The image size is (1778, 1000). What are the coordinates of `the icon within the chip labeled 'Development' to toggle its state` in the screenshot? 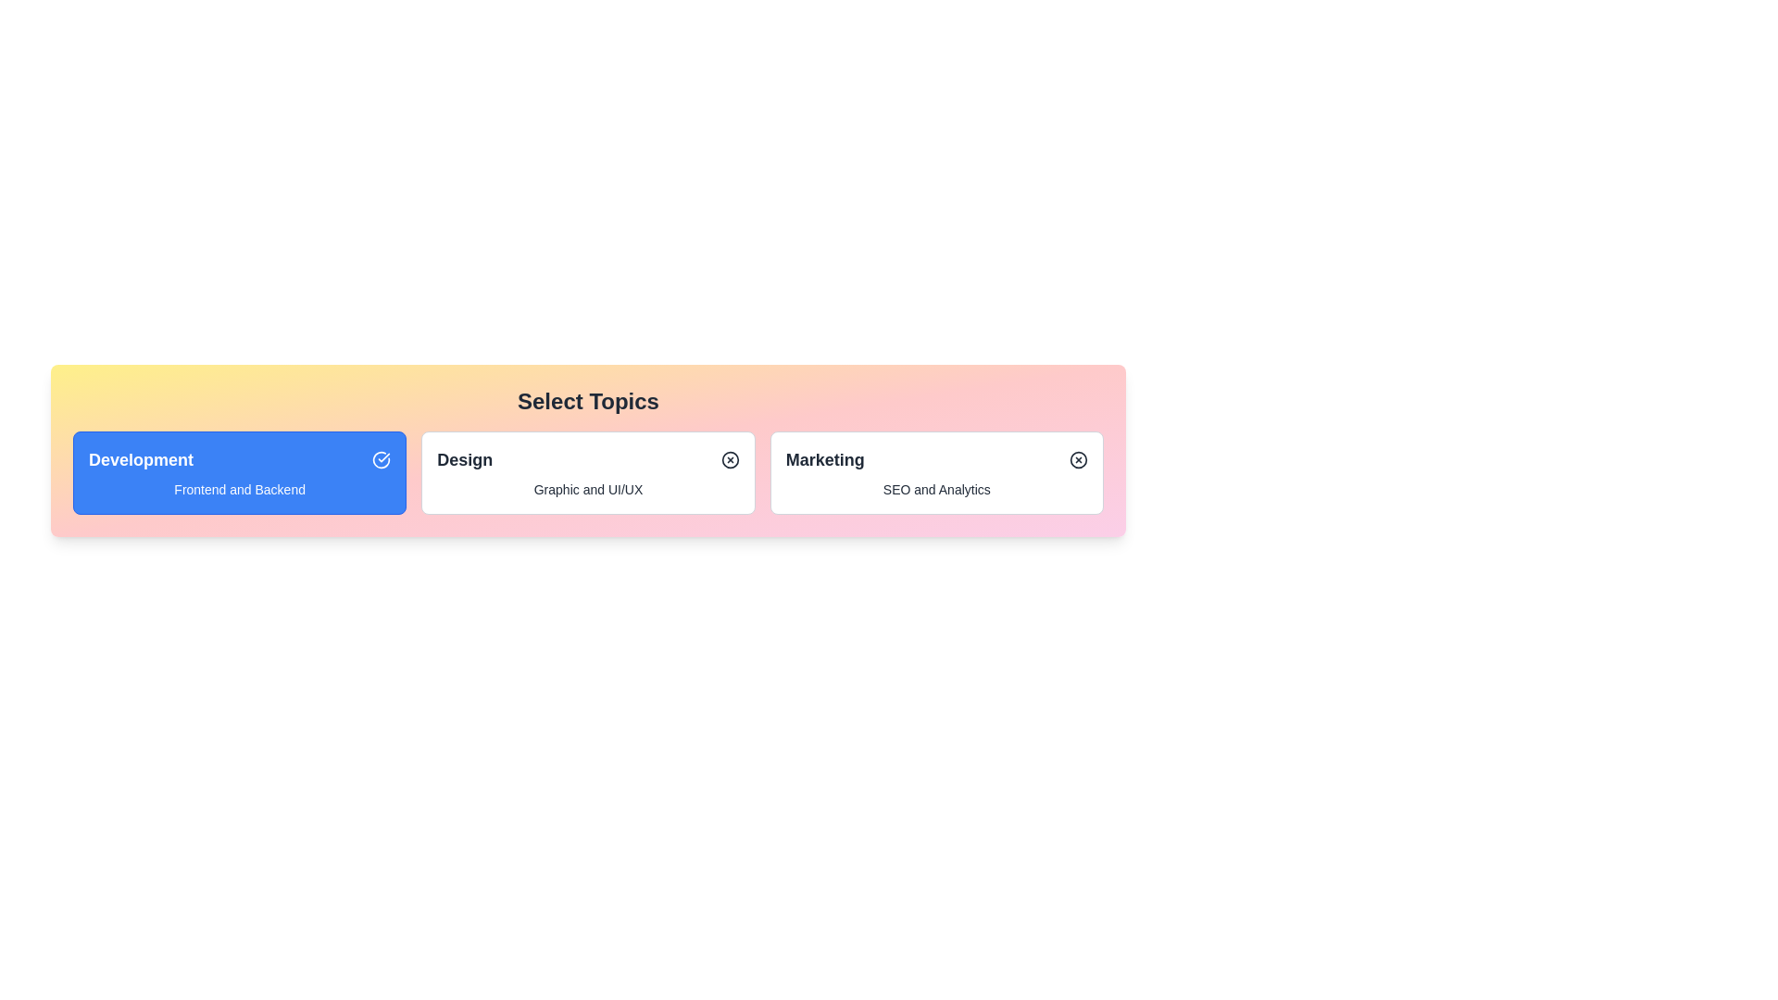 It's located at (381, 459).